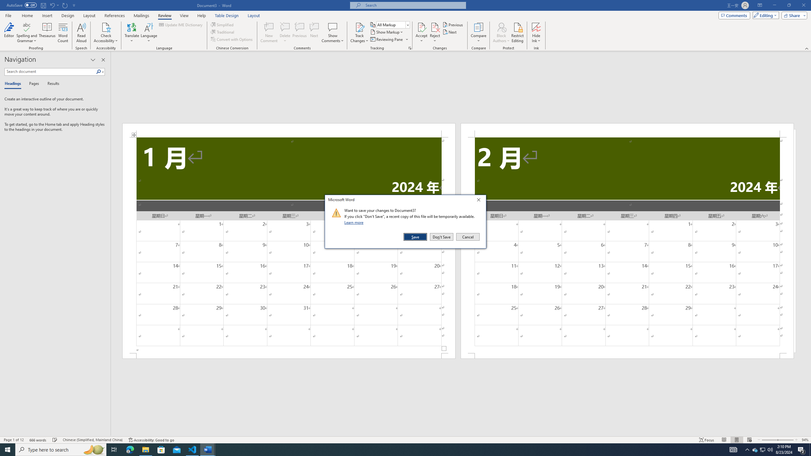  Describe the element at coordinates (151, 440) in the screenshot. I see `'Accessibility Checker Accessibility: Good to go'` at that location.